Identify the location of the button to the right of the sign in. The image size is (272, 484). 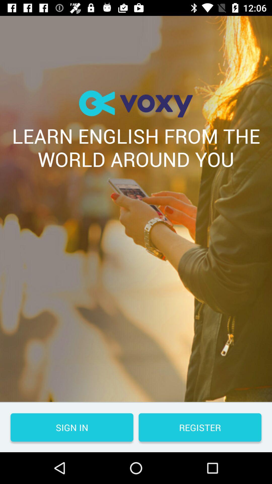
(200, 427).